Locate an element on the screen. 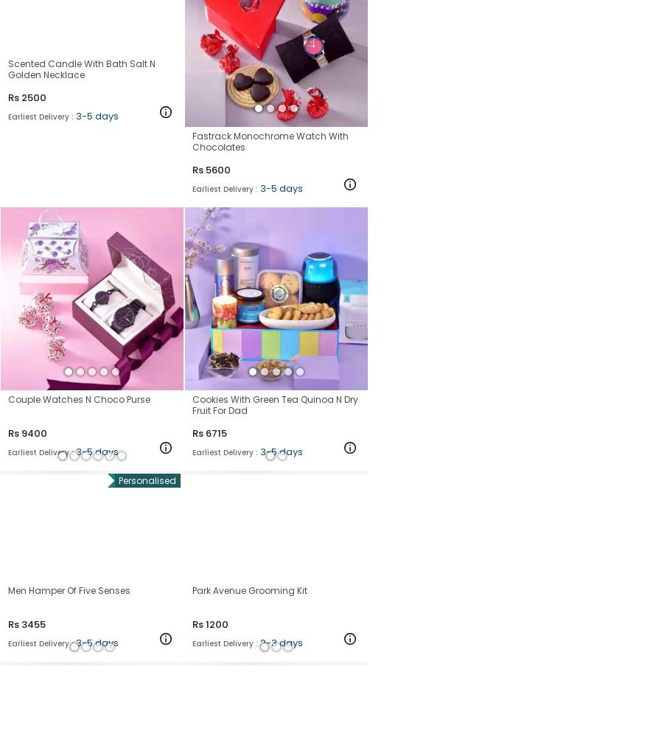 This screenshot has height=754, width=656. 'Couple Watches N Choco Purse' is located at coordinates (78, 398).